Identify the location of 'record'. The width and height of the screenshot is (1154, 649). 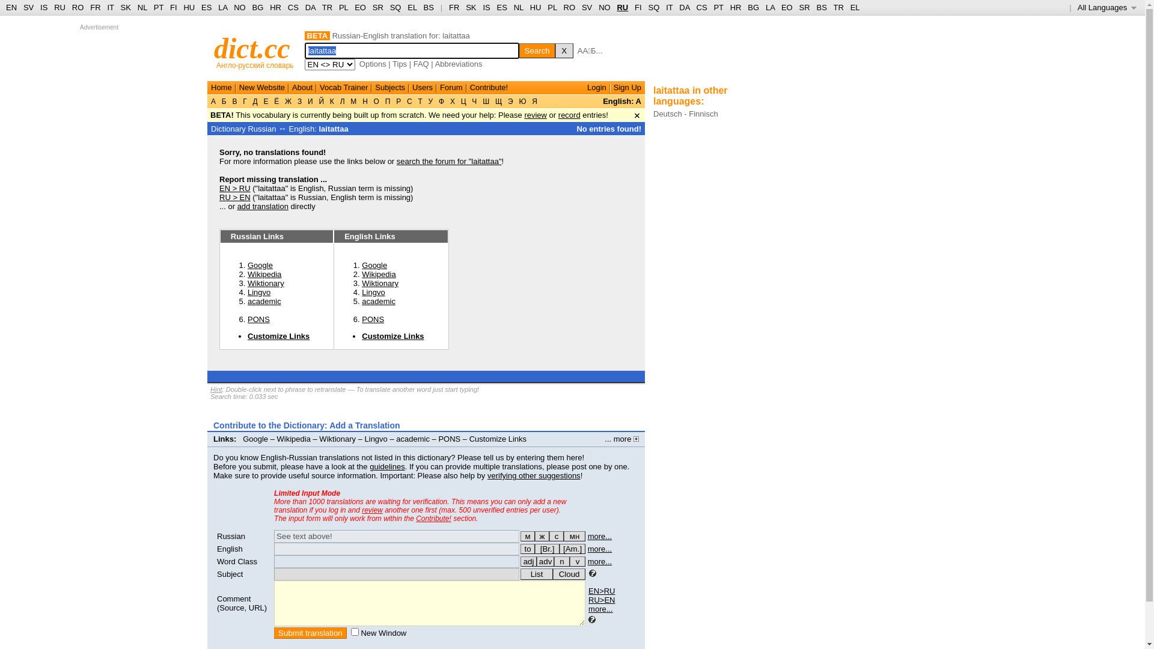
(558, 115).